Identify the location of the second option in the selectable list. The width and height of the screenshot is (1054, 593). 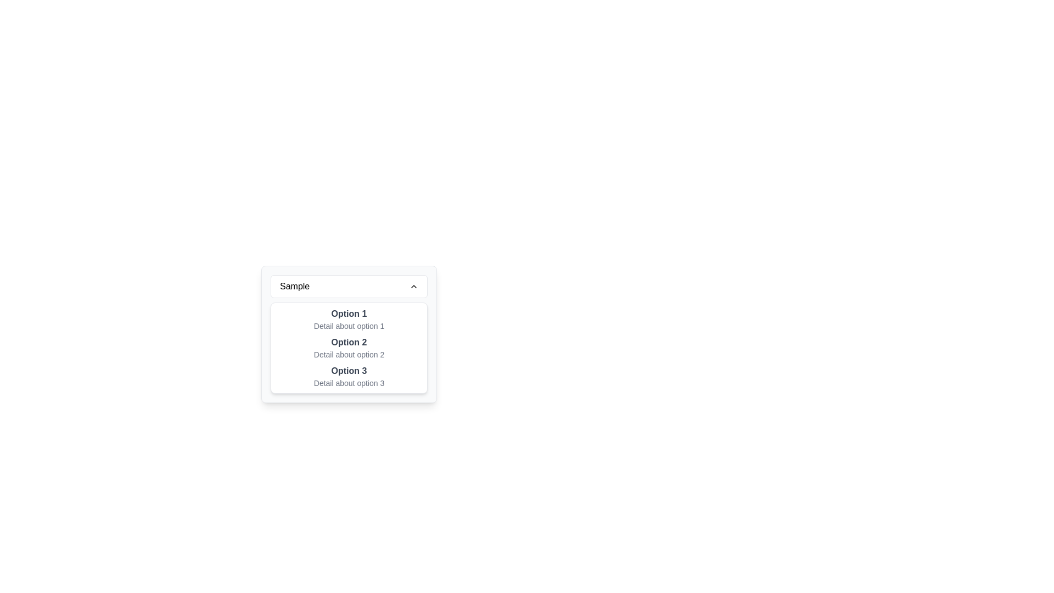
(348, 348).